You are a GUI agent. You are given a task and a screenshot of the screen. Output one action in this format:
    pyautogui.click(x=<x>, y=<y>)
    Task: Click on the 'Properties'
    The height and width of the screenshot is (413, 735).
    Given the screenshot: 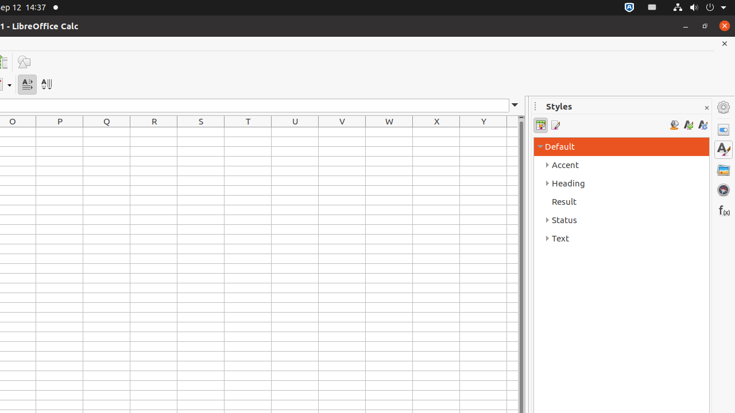 What is the action you would take?
    pyautogui.click(x=723, y=129)
    